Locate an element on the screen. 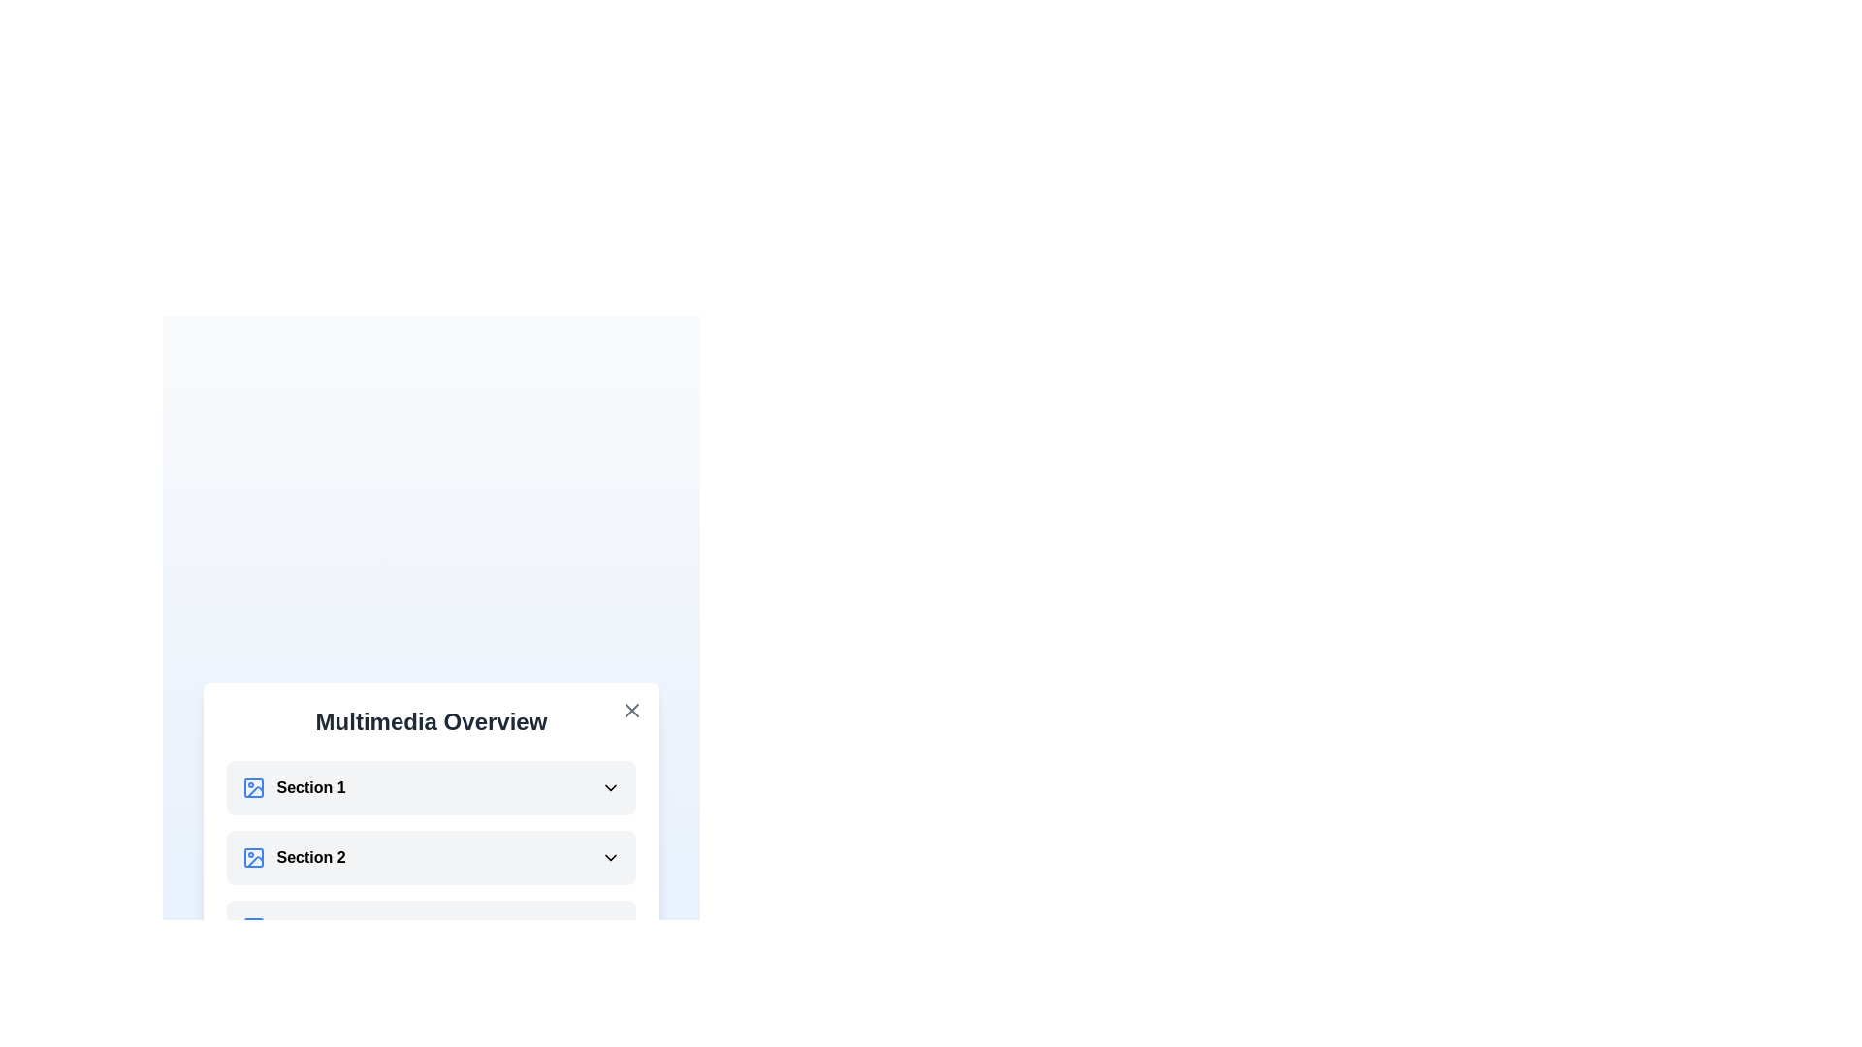 The width and height of the screenshot is (1862, 1047). the close button located at the top-right corner of the 'Multimedia Overview' modal is located at coordinates (632, 710).